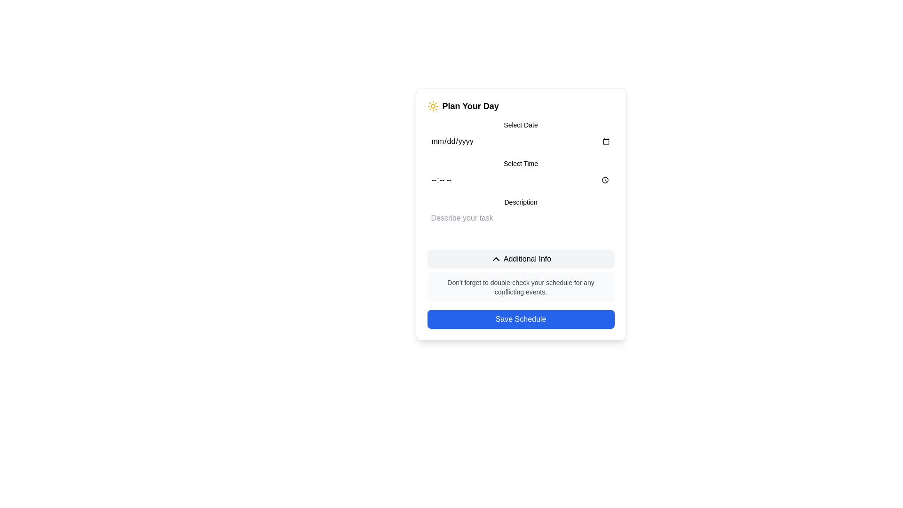  Describe the element at coordinates (520, 125) in the screenshot. I see `the static text label that indicates the purpose of the date input field beneath it, located in the 'Plan Your Day' panel` at that location.